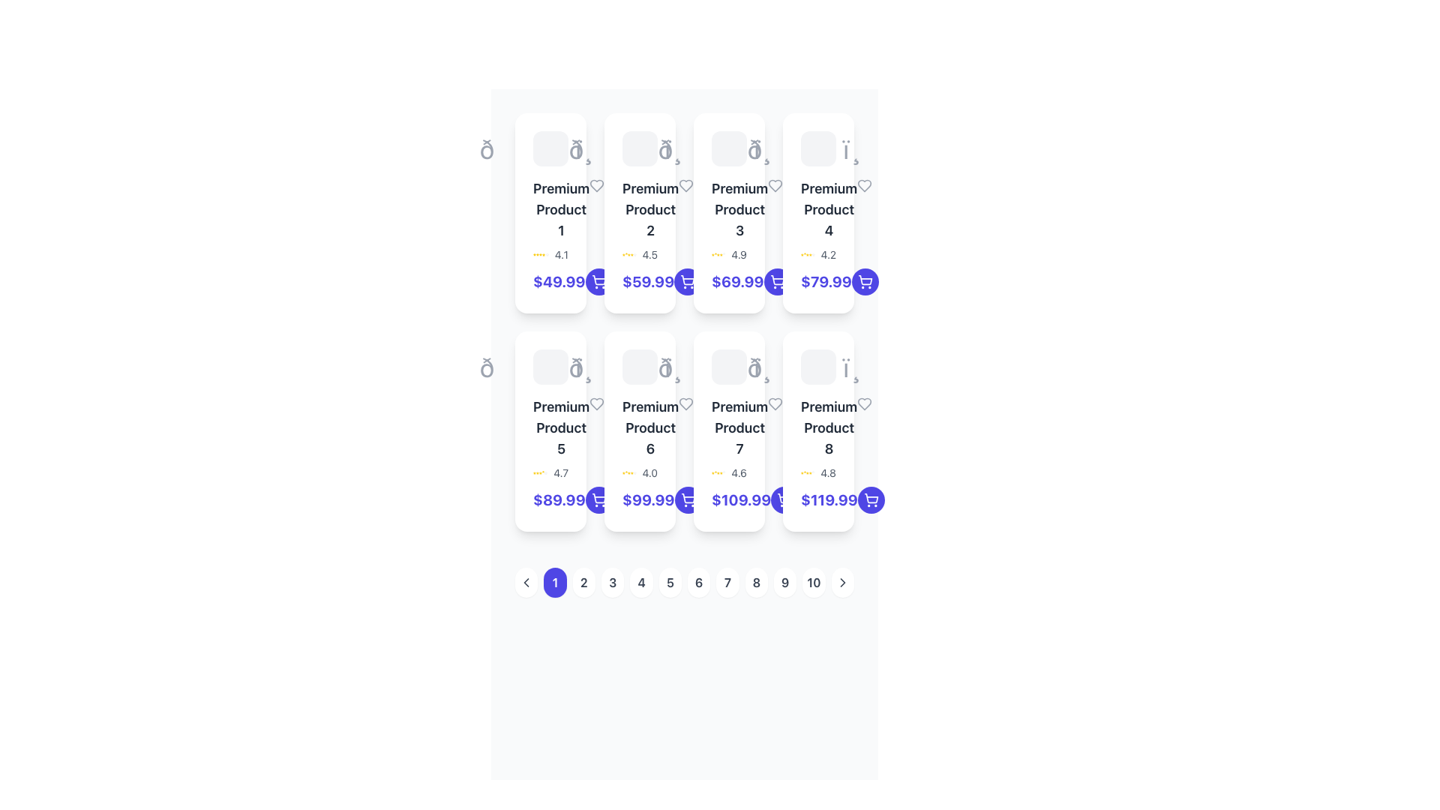 The width and height of the screenshot is (1440, 810). What do you see at coordinates (825, 281) in the screenshot?
I see `the Text Display showing the price '$79.99' in the fourth product card of the grid layout` at bounding box center [825, 281].